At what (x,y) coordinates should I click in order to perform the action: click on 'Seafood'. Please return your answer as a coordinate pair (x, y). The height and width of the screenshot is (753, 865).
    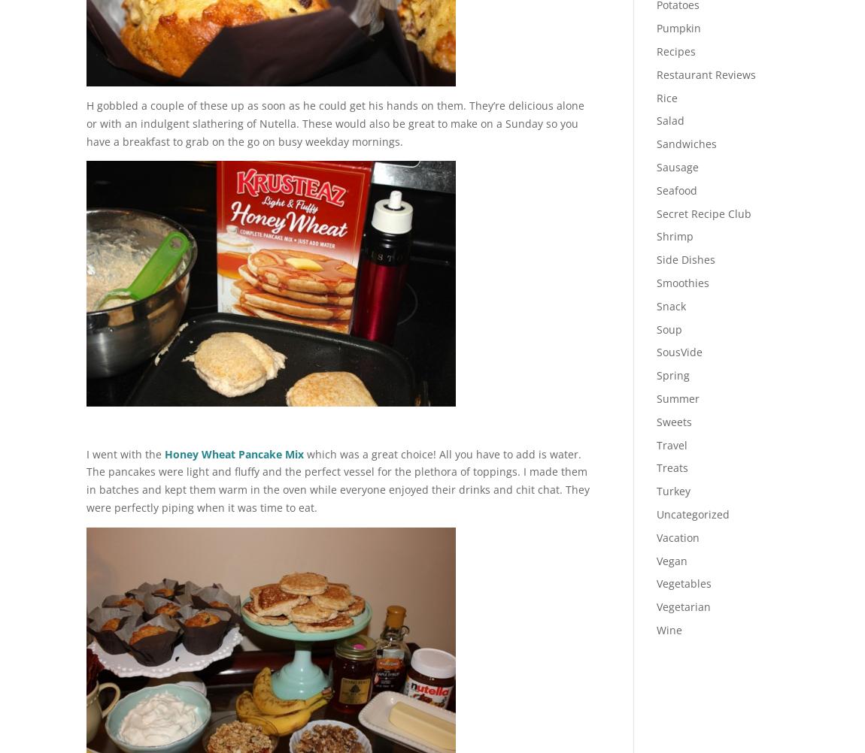
    Looking at the image, I should click on (656, 189).